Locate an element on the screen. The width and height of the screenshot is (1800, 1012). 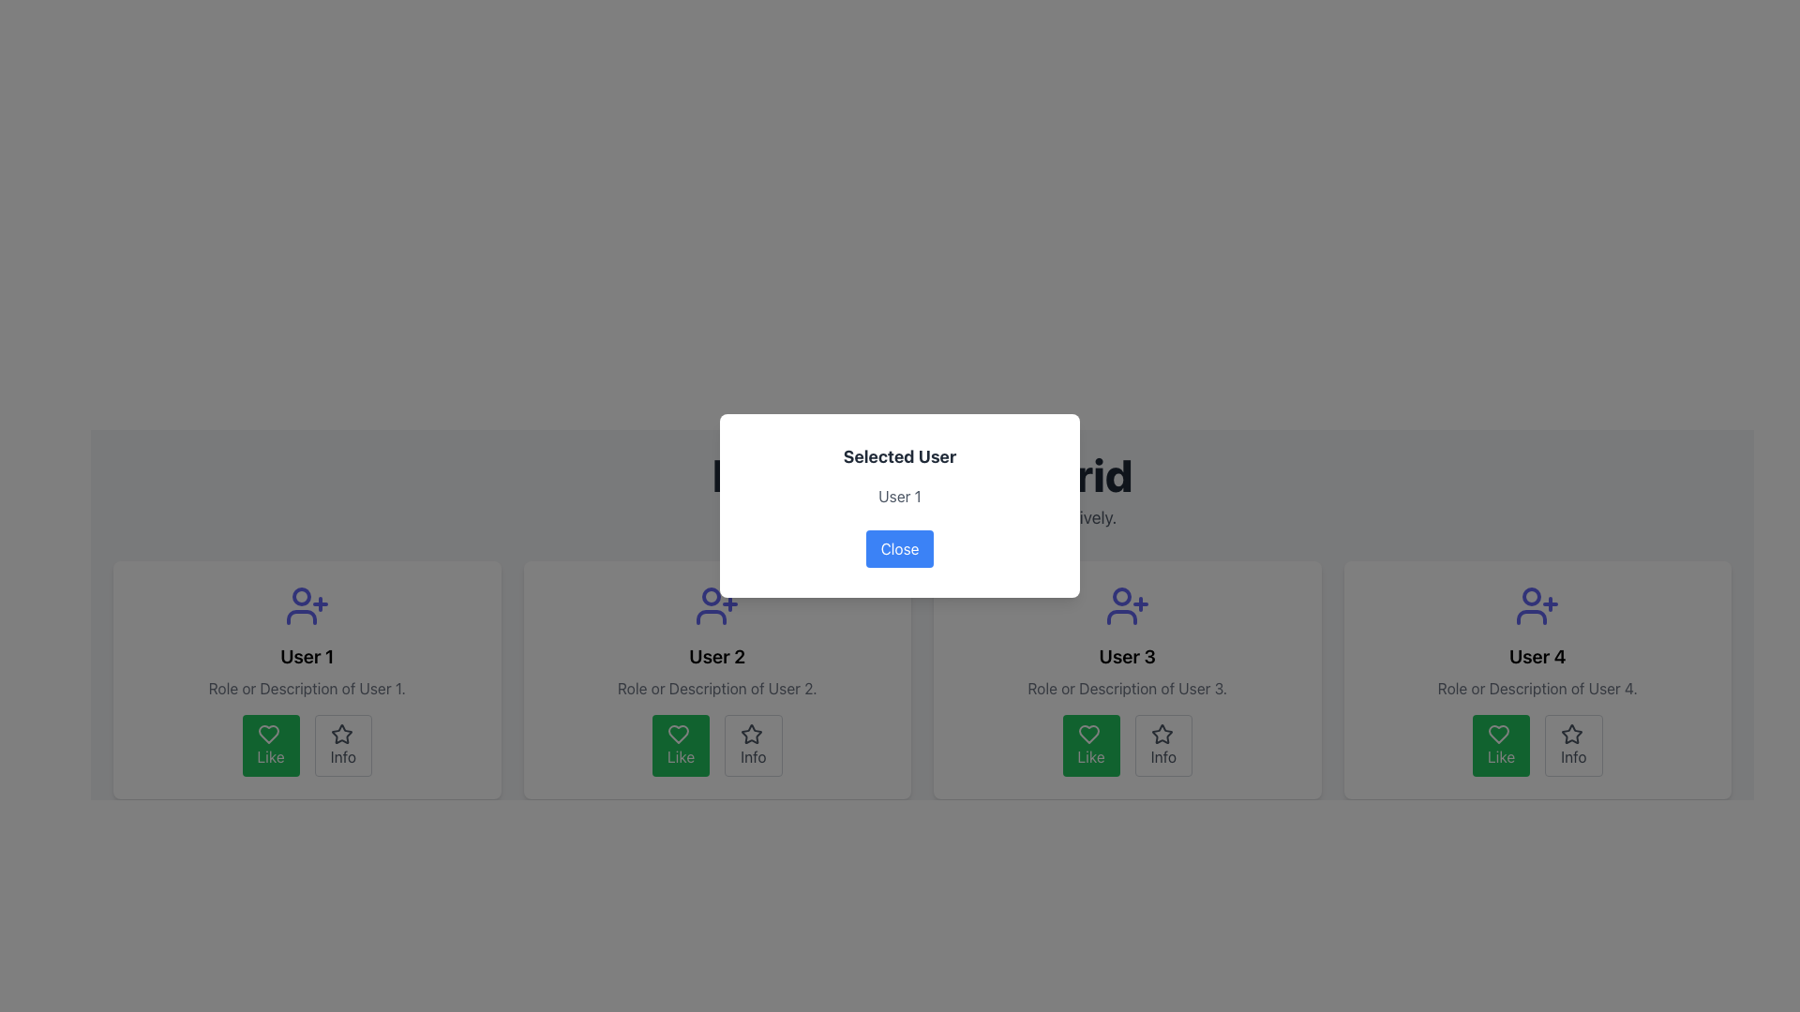
the user avatar icon with a plus symbol, styled in indigo color, located above the text 'User 3' within the card is located at coordinates (1126, 606).